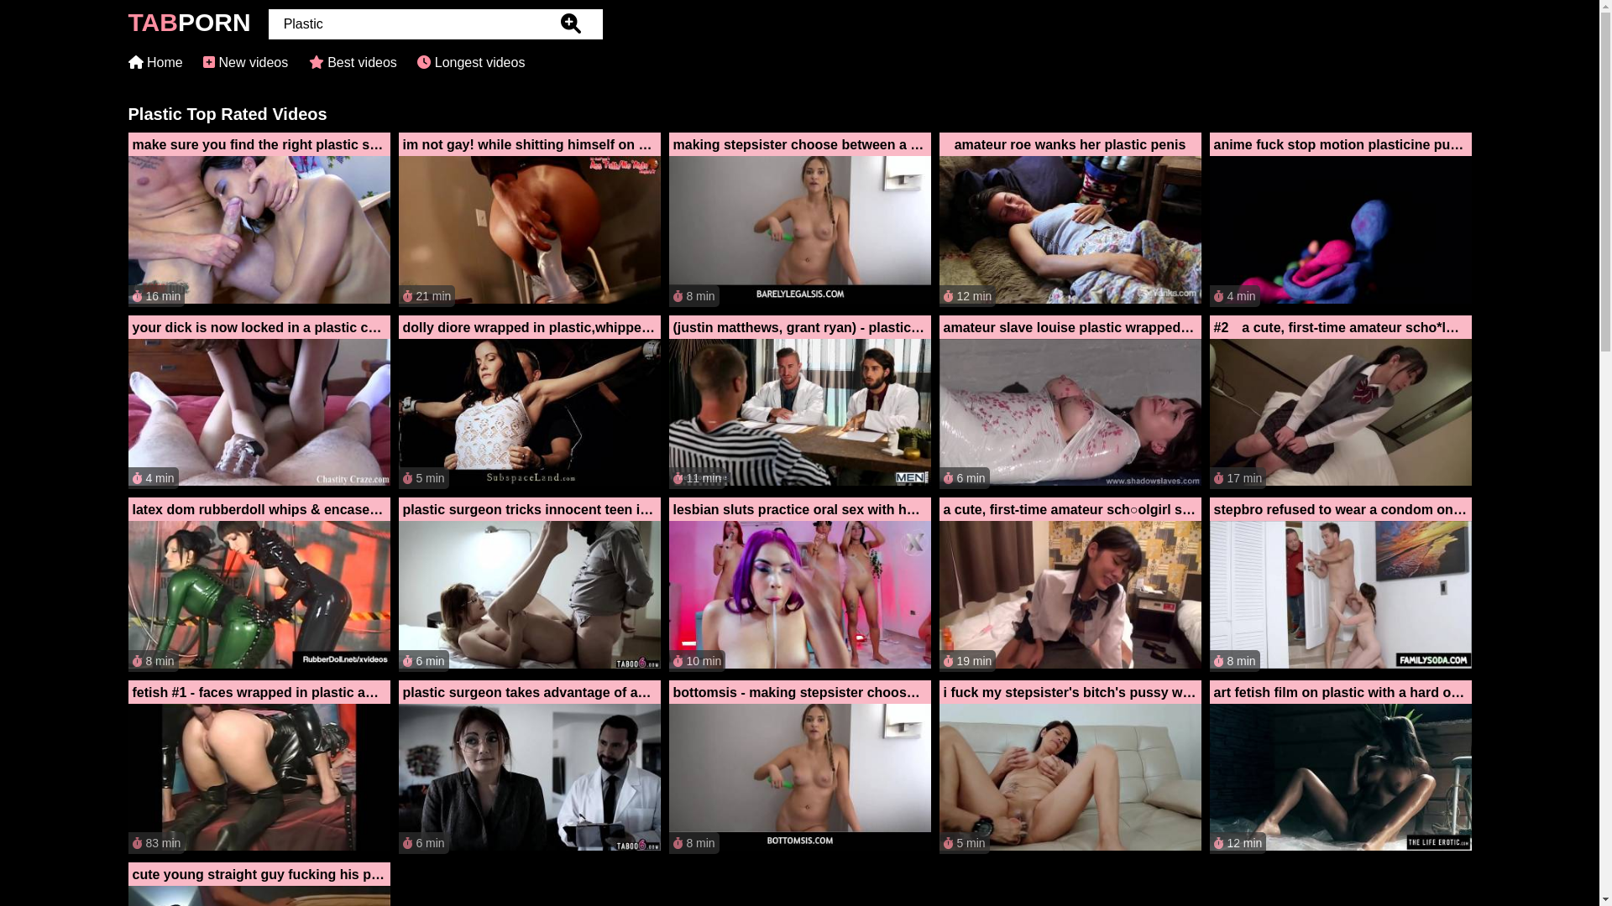 Image resolution: width=1612 pixels, height=906 pixels. Describe the element at coordinates (309, 61) in the screenshot. I see `'Best videos'` at that location.